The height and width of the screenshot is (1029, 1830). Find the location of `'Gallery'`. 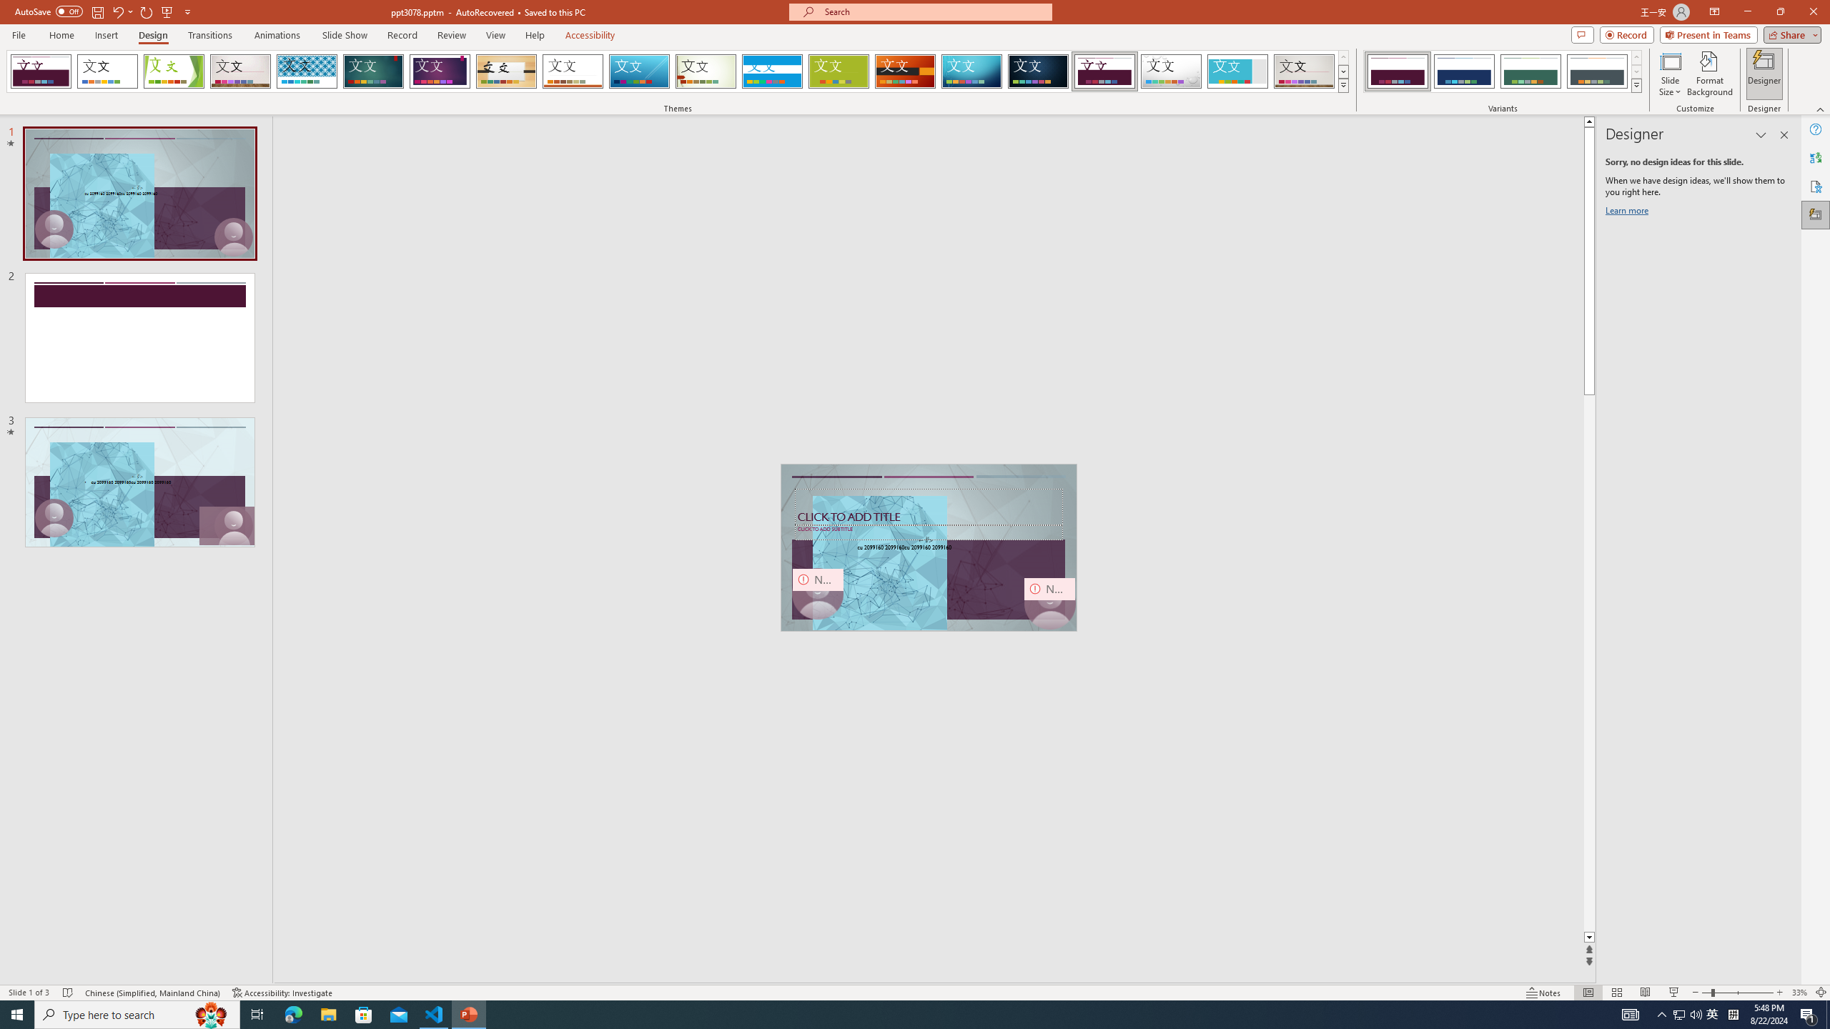

'Gallery' is located at coordinates (1305, 71).